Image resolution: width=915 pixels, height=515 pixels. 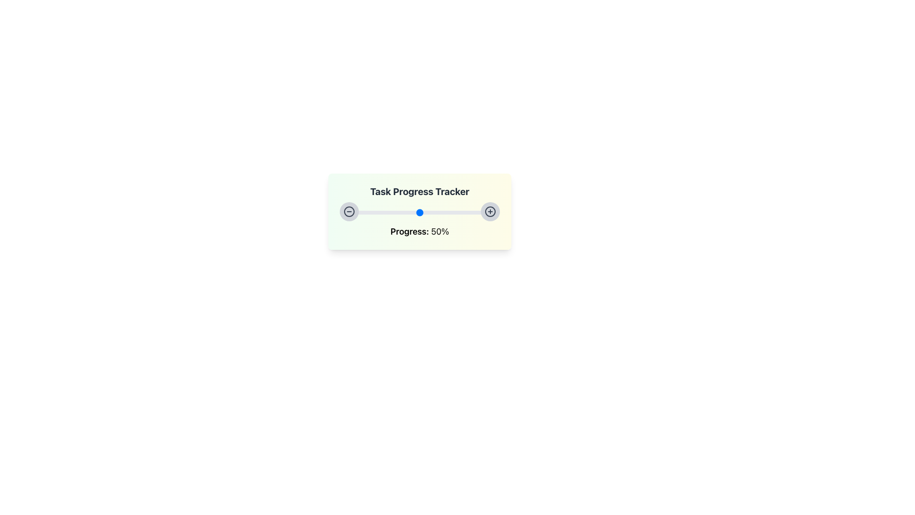 I want to click on the circular gray button with a '+' symbol at the right end of the progress tracker, so click(x=490, y=211).